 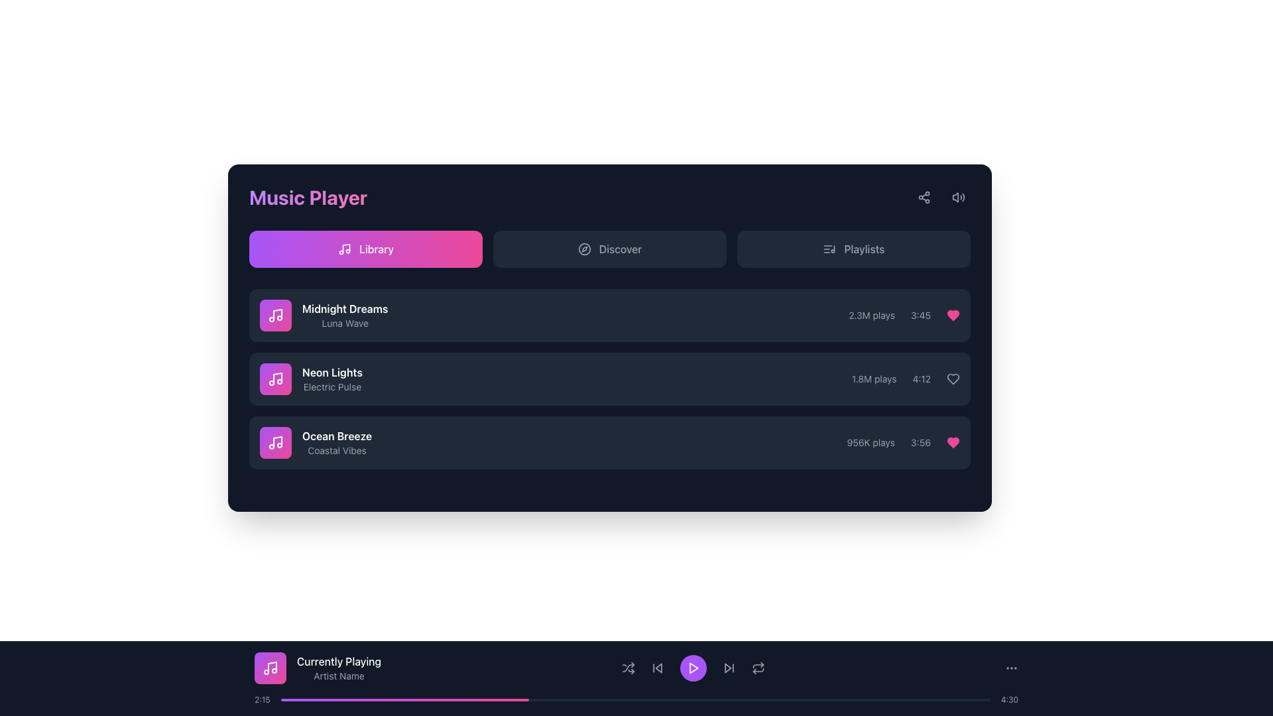 I want to click on the third item in the vertically stacked list displaying the title and subtitle of a music track, so click(x=337, y=442).